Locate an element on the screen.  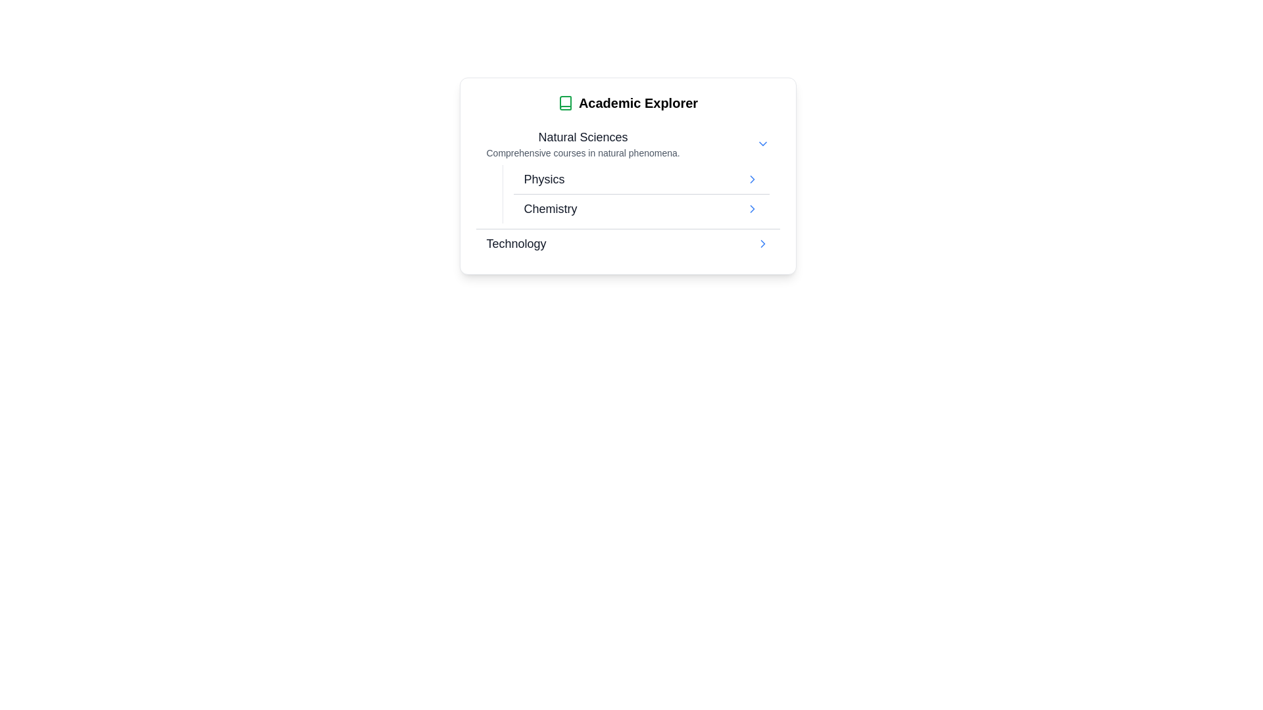
the 'Technology' text label is located at coordinates (516, 243).